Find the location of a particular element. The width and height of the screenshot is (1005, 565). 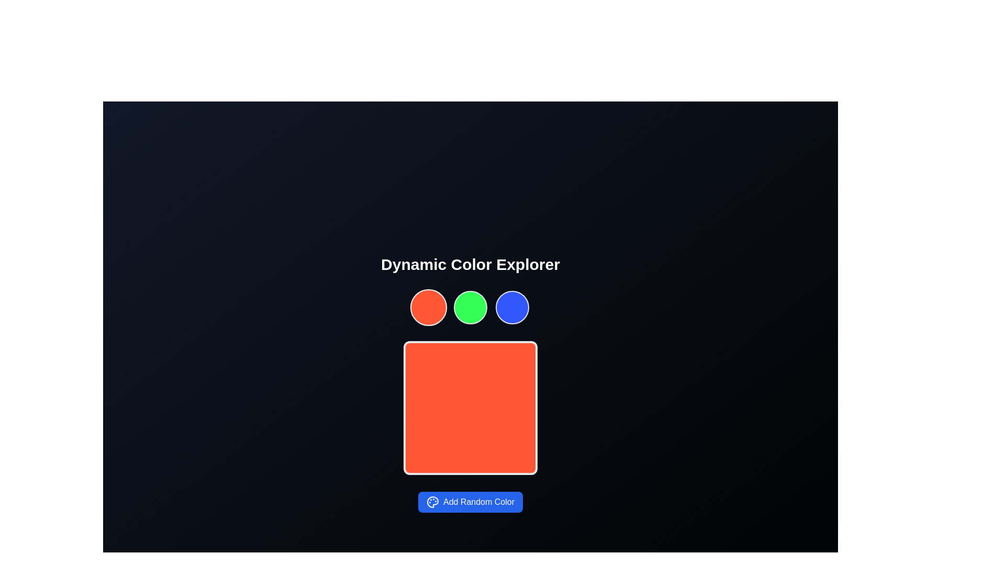

the SVG icon located to the left of the 'Add Random Color' button at the bottom-center of the interface, which serves as a decorative enhancement is located at coordinates (432, 502).